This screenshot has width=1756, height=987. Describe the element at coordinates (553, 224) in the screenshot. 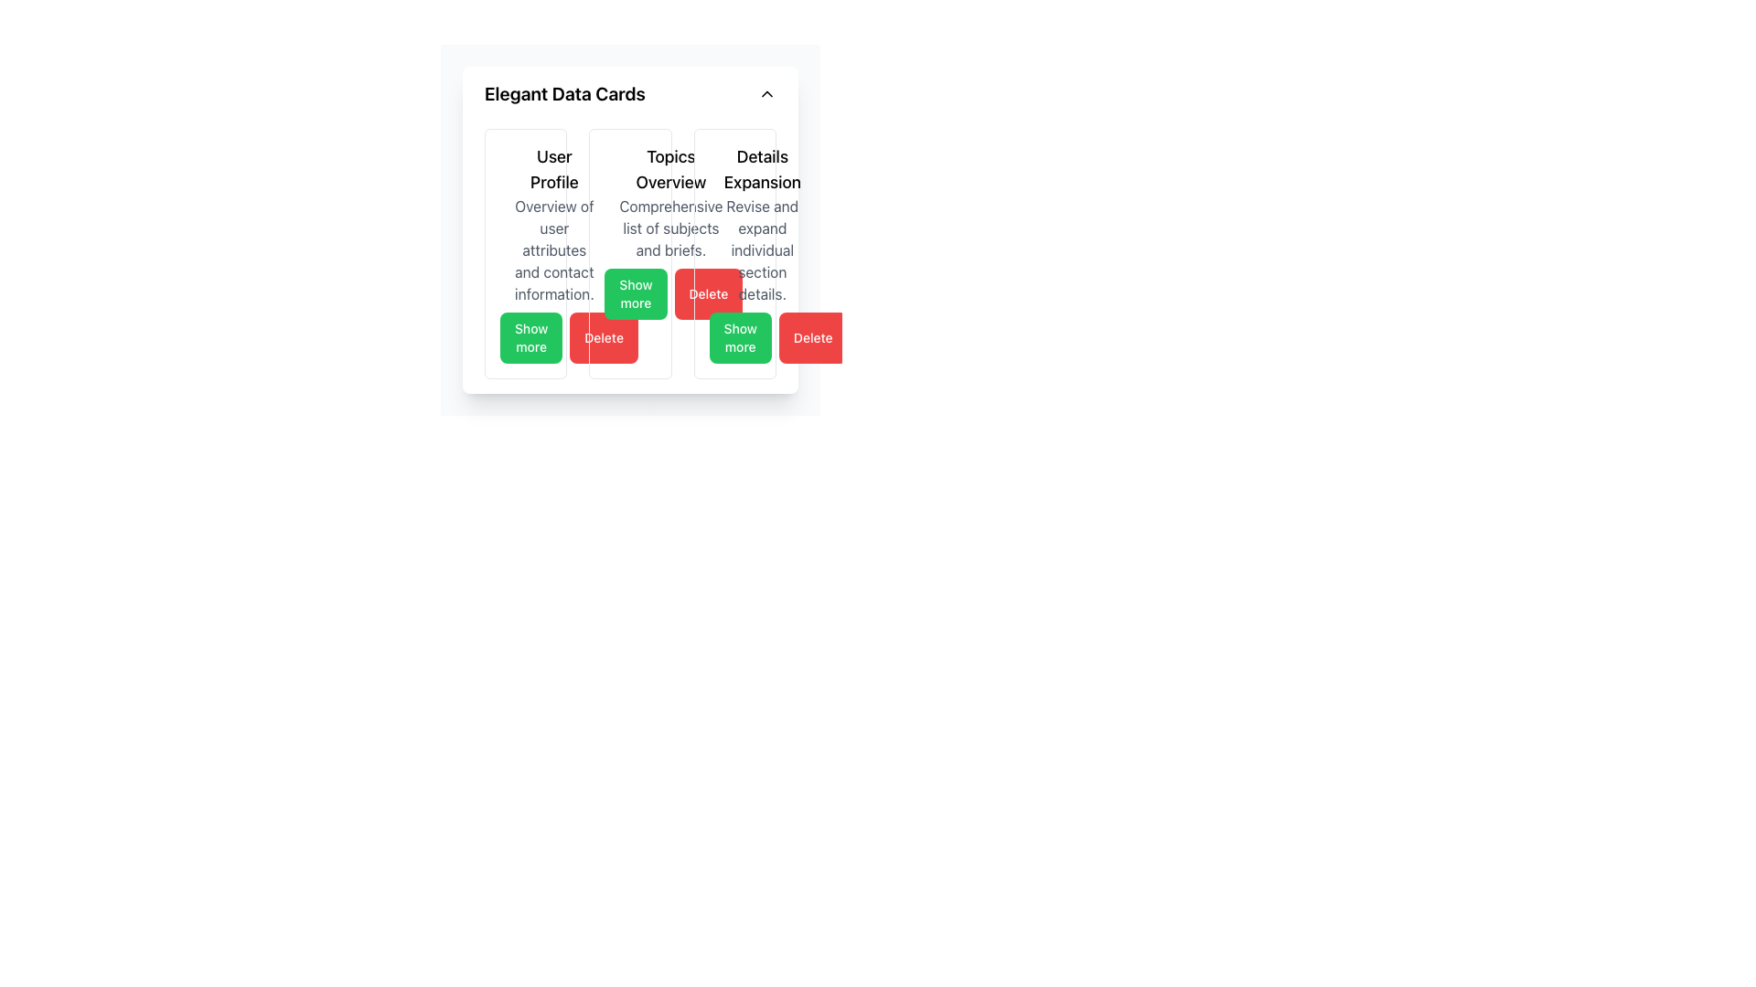

I see `the 'User Profile' text block, which displays 'Overview of user attributes and contact information.' in a card layout` at that location.